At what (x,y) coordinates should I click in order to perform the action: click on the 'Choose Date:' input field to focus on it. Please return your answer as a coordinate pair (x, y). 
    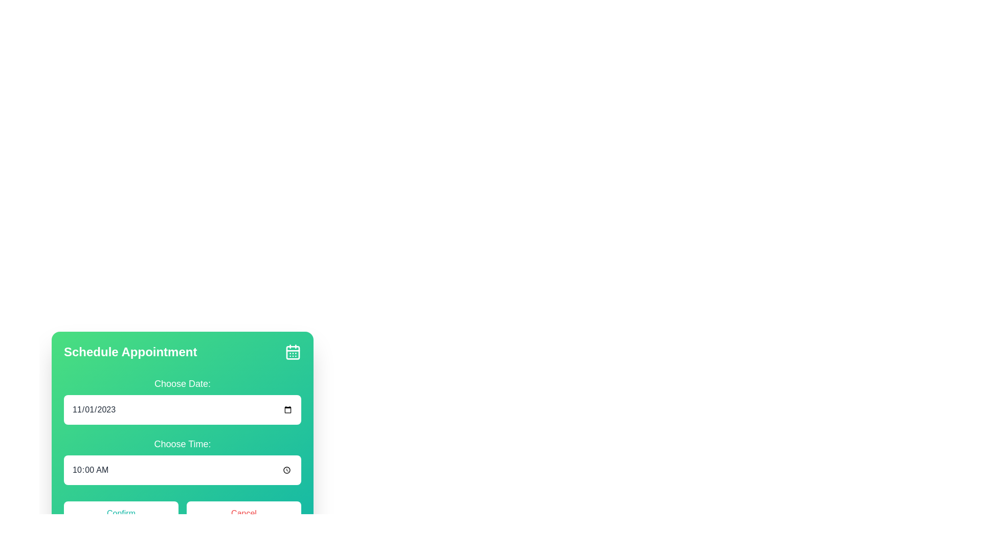
    Looking at the image, I should click on (182, 400).